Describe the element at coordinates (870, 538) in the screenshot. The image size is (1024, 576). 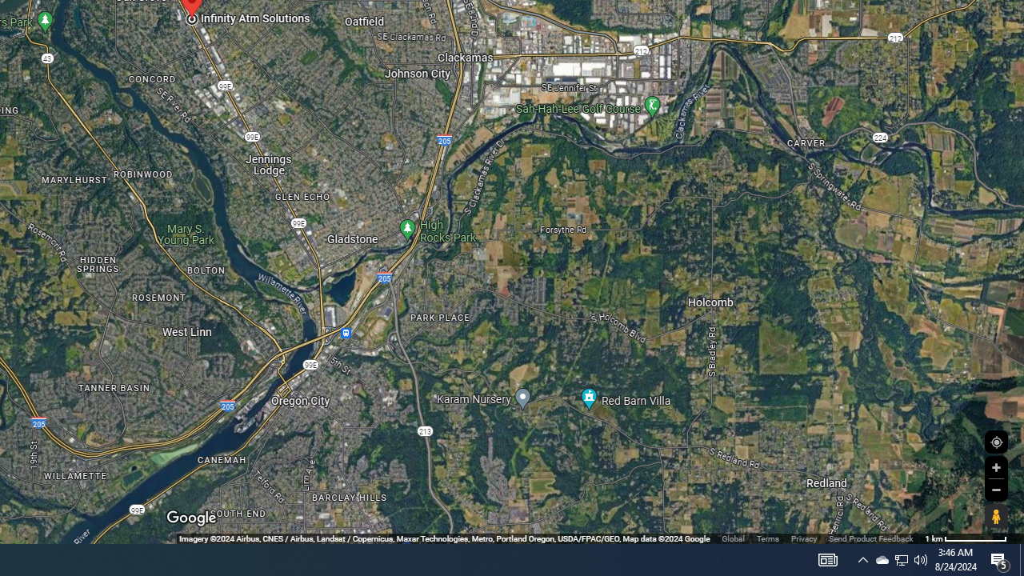
I see `'Send Product Feedback'` at that location.